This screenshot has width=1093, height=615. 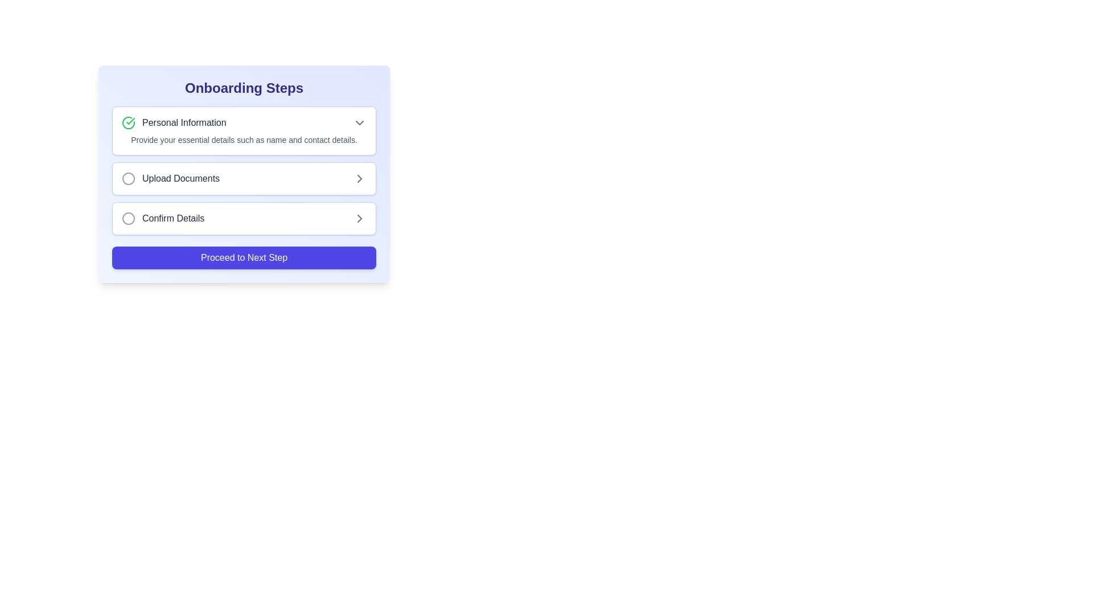 I want to click on the right-facing gray chevron icon located at the far-right side of the 'Upload Documents' section to proceed or expand, so click(x=359, y=178).